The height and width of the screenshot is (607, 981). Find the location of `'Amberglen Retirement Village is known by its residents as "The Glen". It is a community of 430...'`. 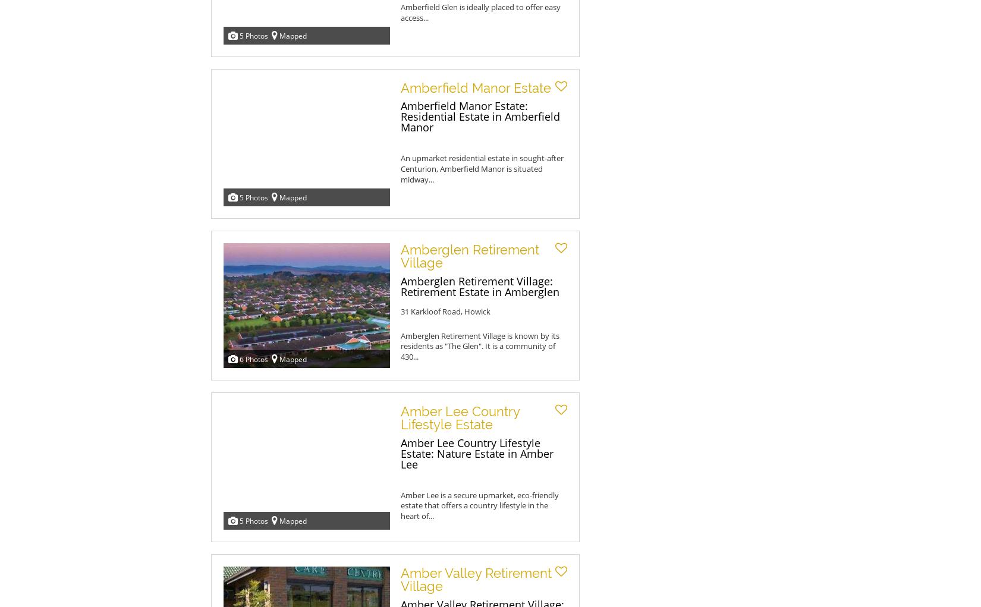

'Amberglen Retirement Village is known by its residents as "The Glen". It is a community of 430...' is located at coordinates (479, 345).